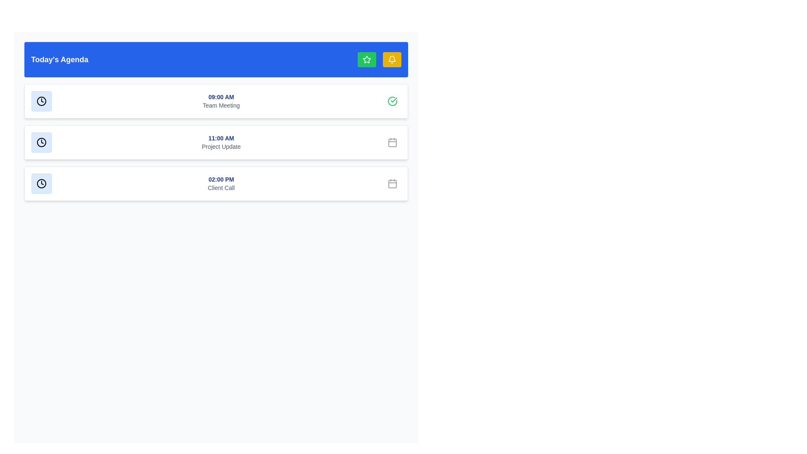  I want to click on the static text label displaying 'Team Meeting' located in the second row under the bold blue time label '09:00 AM' in the first card of the vertically stacked list, so click(221, 105).